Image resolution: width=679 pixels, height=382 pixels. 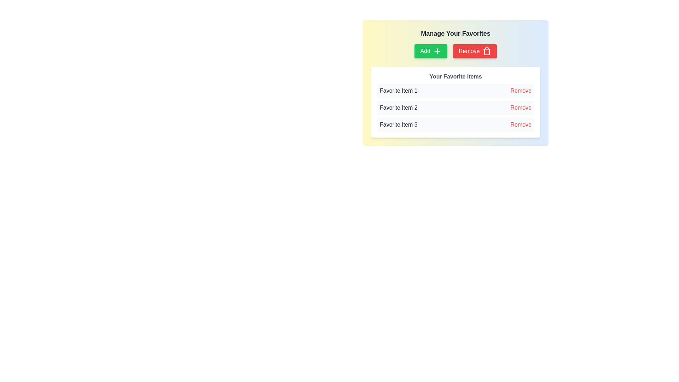 What do you see at coordinates (521, 91) in the screenshot?
I see `the interactive text element labeled 'Remove', which is styled in red and located to the right of 'Favorite Item 1', to change its color to a darker red shade` at bounding box center [521, 91].